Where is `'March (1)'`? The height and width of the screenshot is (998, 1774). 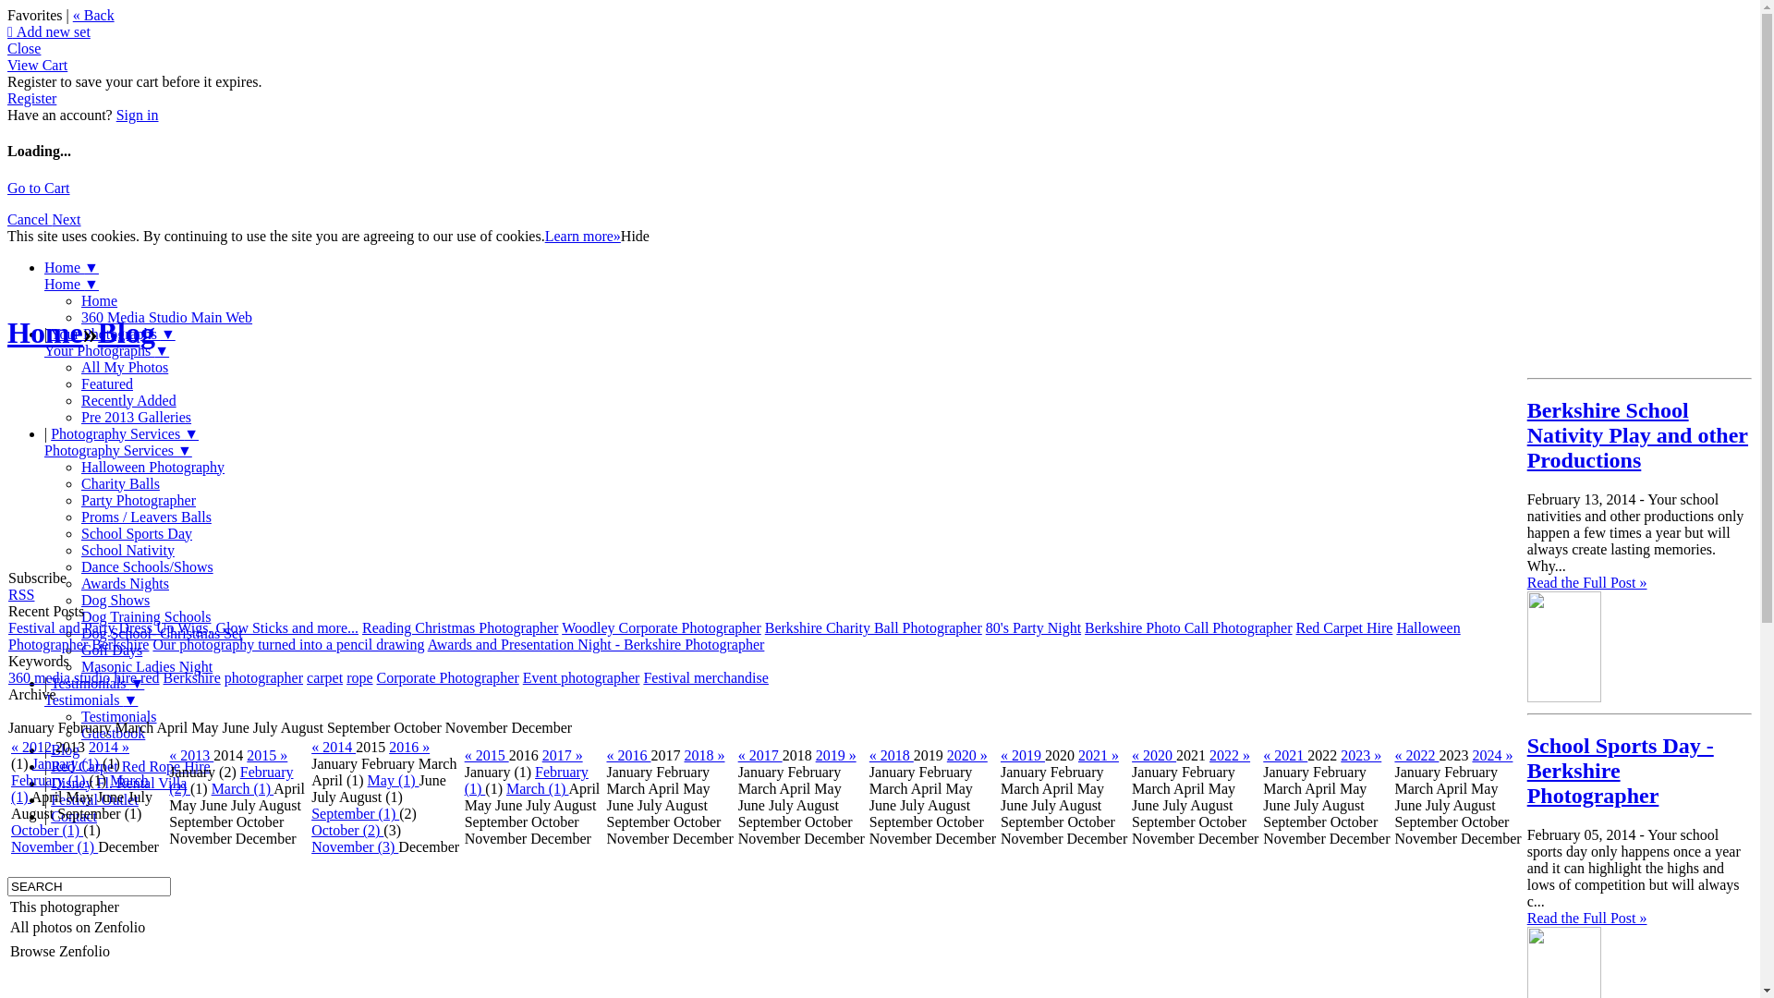 'March (1)' is located at coordinates (536, 788).